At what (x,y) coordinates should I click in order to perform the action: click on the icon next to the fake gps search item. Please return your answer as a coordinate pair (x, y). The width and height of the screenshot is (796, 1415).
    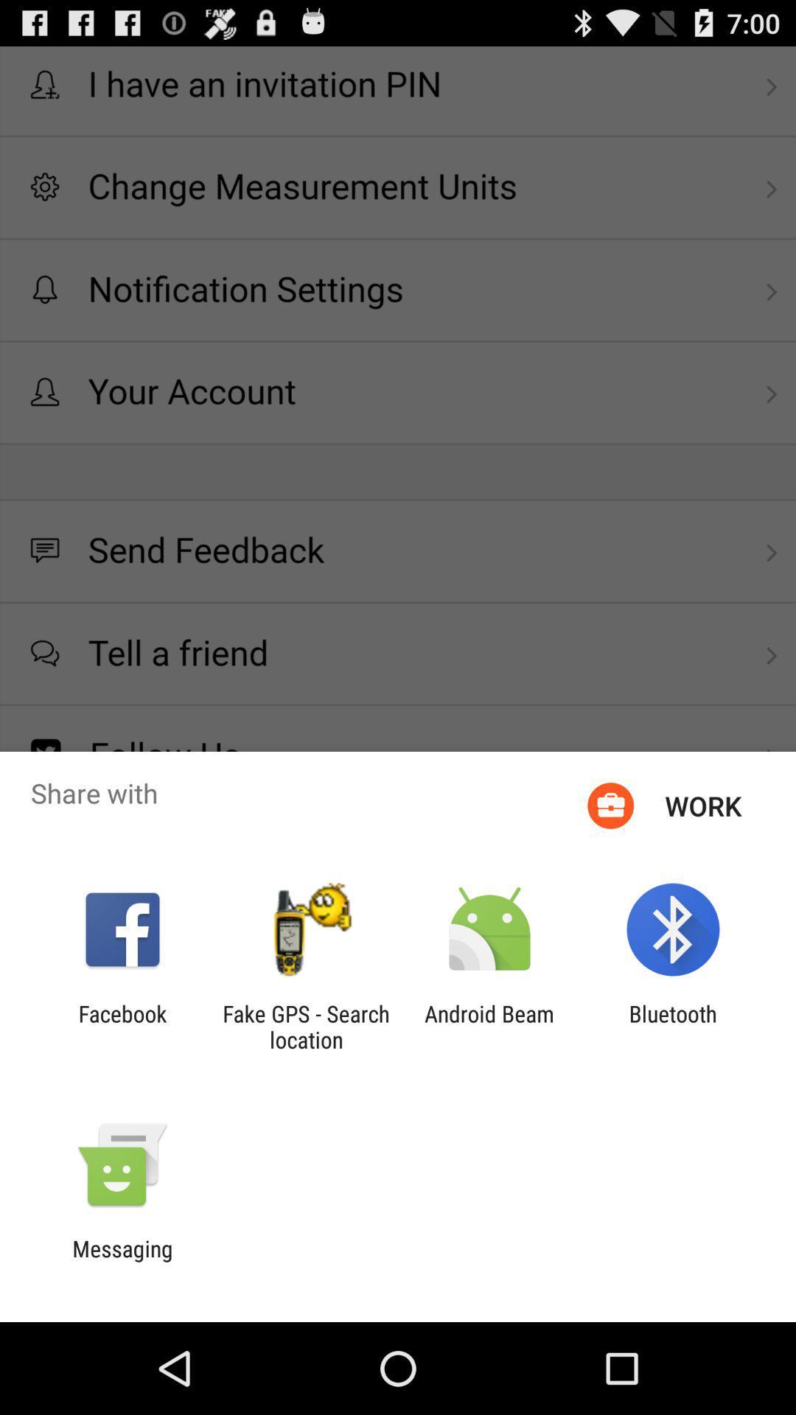
    Looking at the image, I should click on (122, 1026).